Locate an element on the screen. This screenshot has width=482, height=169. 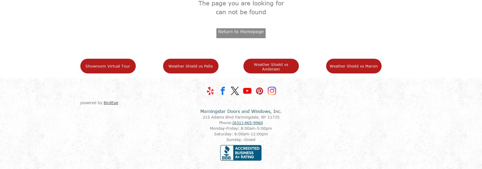
'Marvin vs Weather Shield' is located at coordinates (190, 12).